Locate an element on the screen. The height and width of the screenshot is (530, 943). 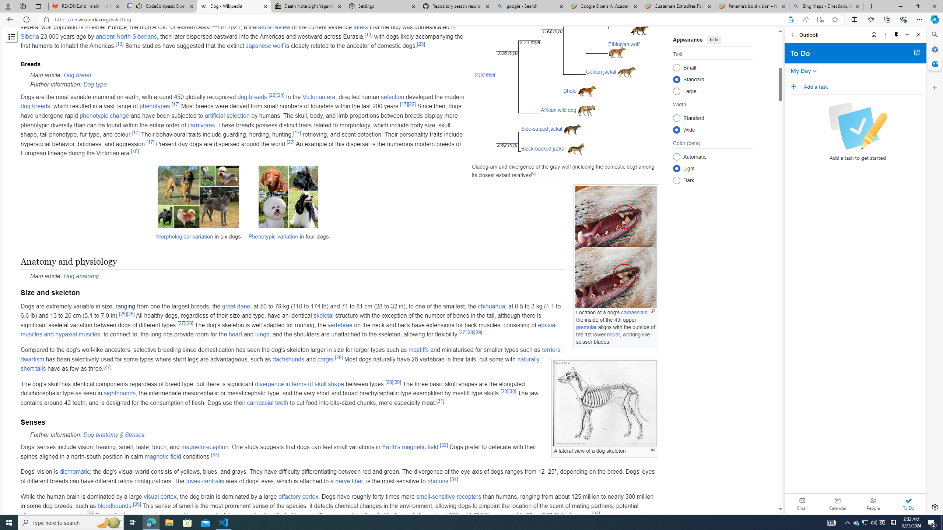
'hide' is located at coordinates (714, 39).